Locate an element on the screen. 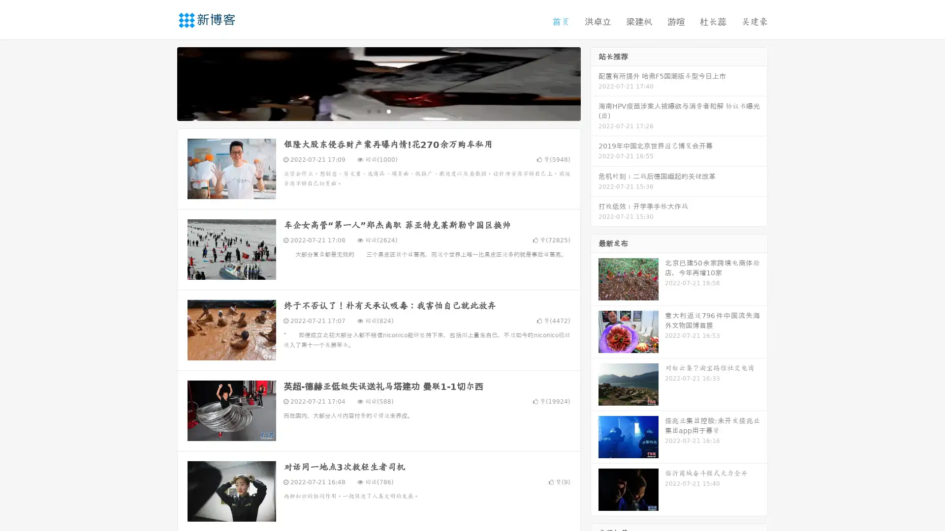 Image resolution: width=945 pixels, height=531 pixels. Previous slide is located at coordinates (162, 83).